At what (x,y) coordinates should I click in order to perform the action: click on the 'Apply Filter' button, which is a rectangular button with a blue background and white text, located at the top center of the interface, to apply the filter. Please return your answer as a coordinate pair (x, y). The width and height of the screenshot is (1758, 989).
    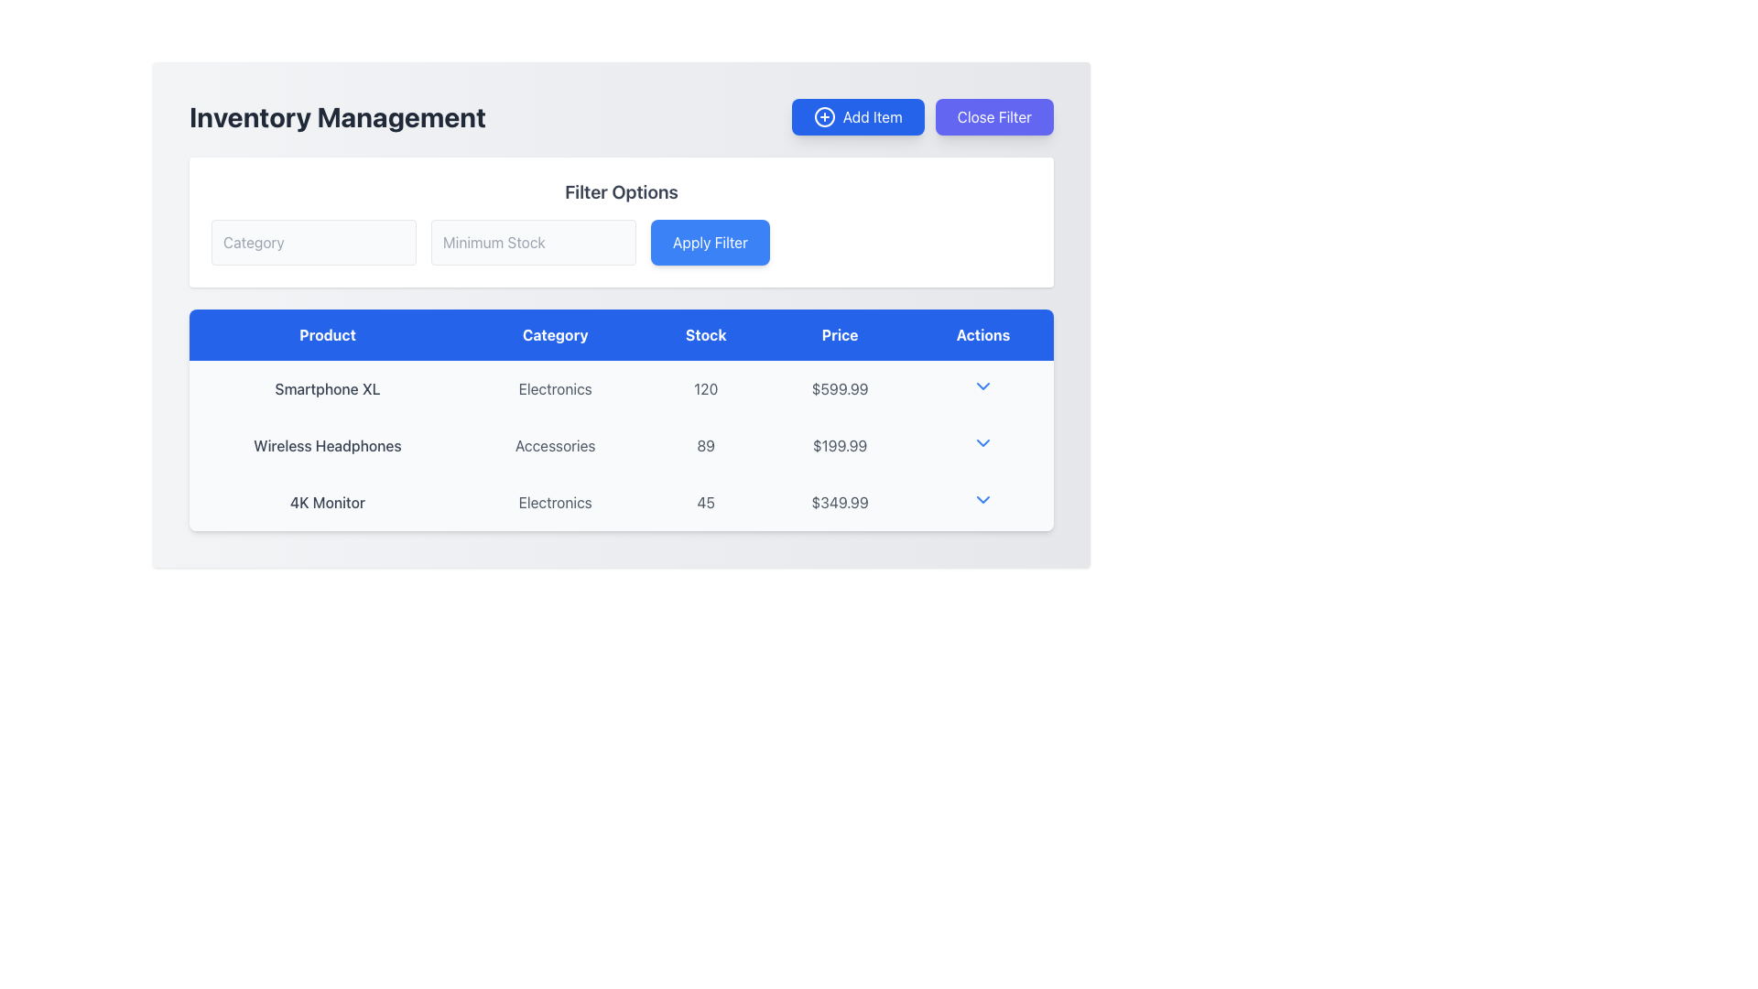
    Looking at the image, I should click on (709, 242).